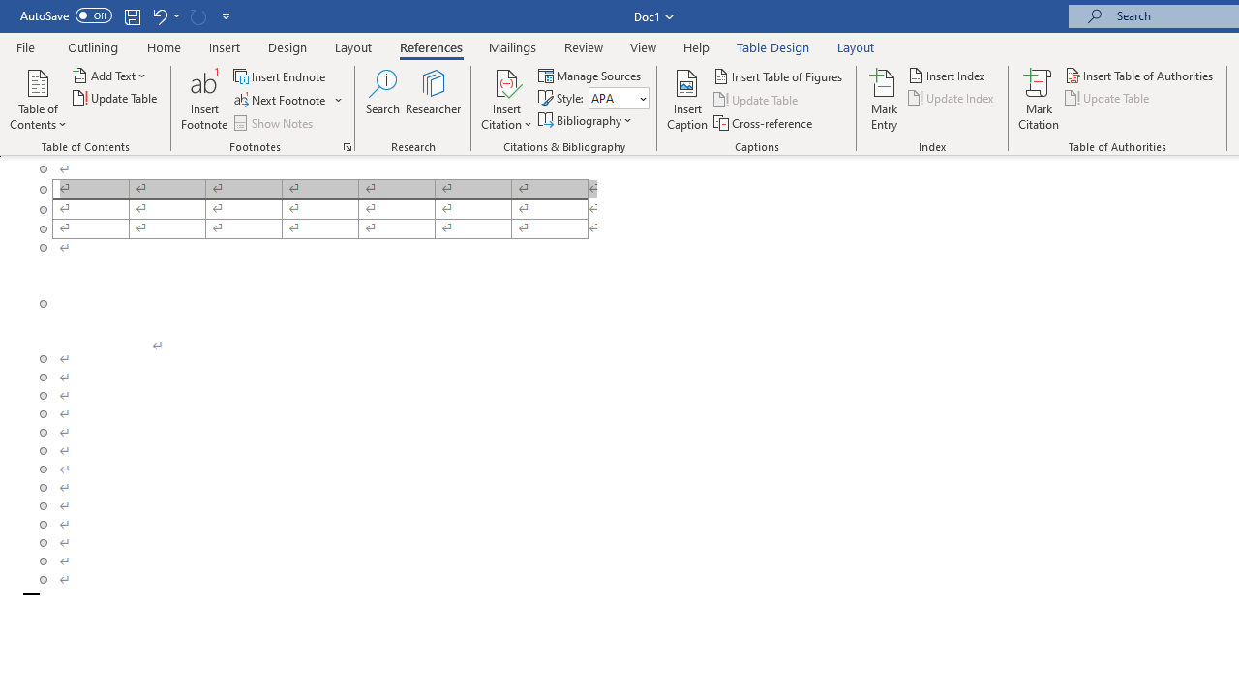 This screenshot has width=1239, height=697. Describe the element at coordinates (109, 75) in the screenshot. I see `'Add Text'` at that location.